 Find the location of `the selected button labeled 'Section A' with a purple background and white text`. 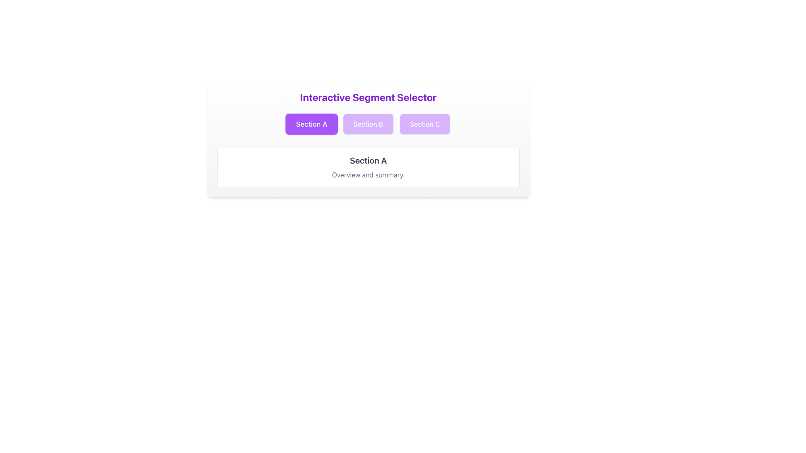

the selected button labeled 'Section A' with a purple background and white text is located at coordinates (311, 124).